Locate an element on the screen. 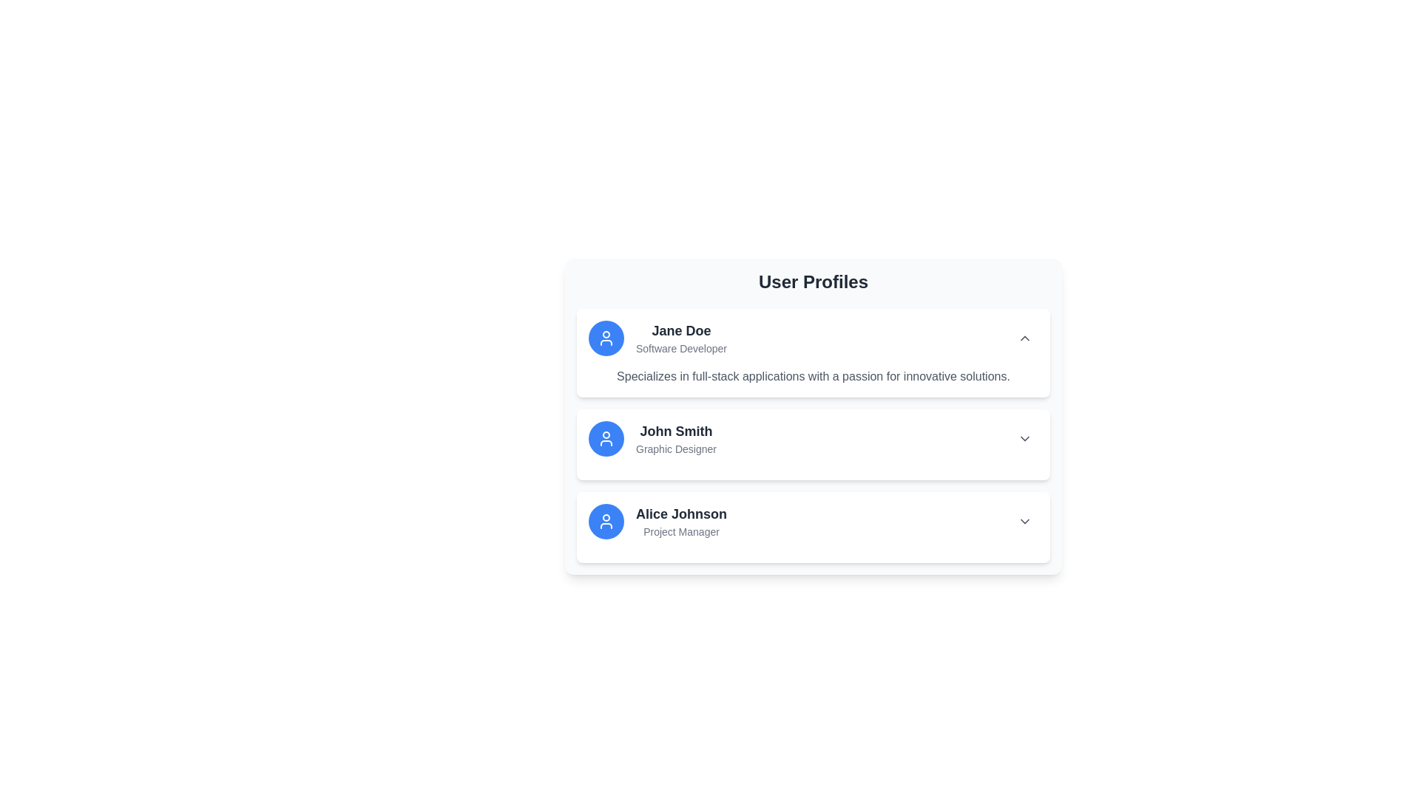 This screenshot has width=1420, height=798. the descriptive text element that displays information about Jane Doe's expertise, located at the bottom of the profile information section is located at coordinates (812, 375).